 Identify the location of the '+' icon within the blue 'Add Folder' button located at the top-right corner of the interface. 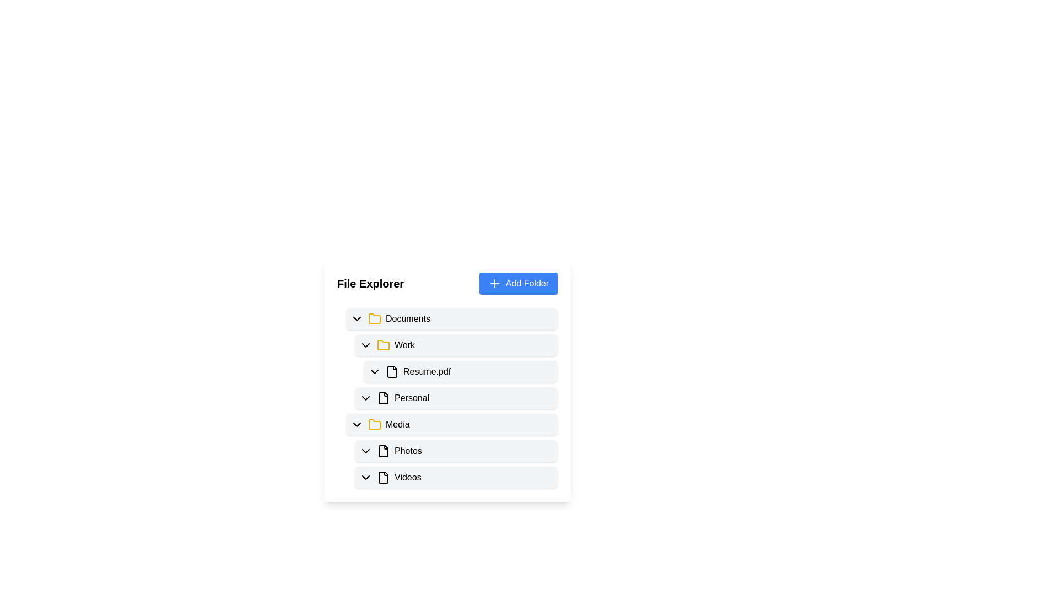
(494, 283).